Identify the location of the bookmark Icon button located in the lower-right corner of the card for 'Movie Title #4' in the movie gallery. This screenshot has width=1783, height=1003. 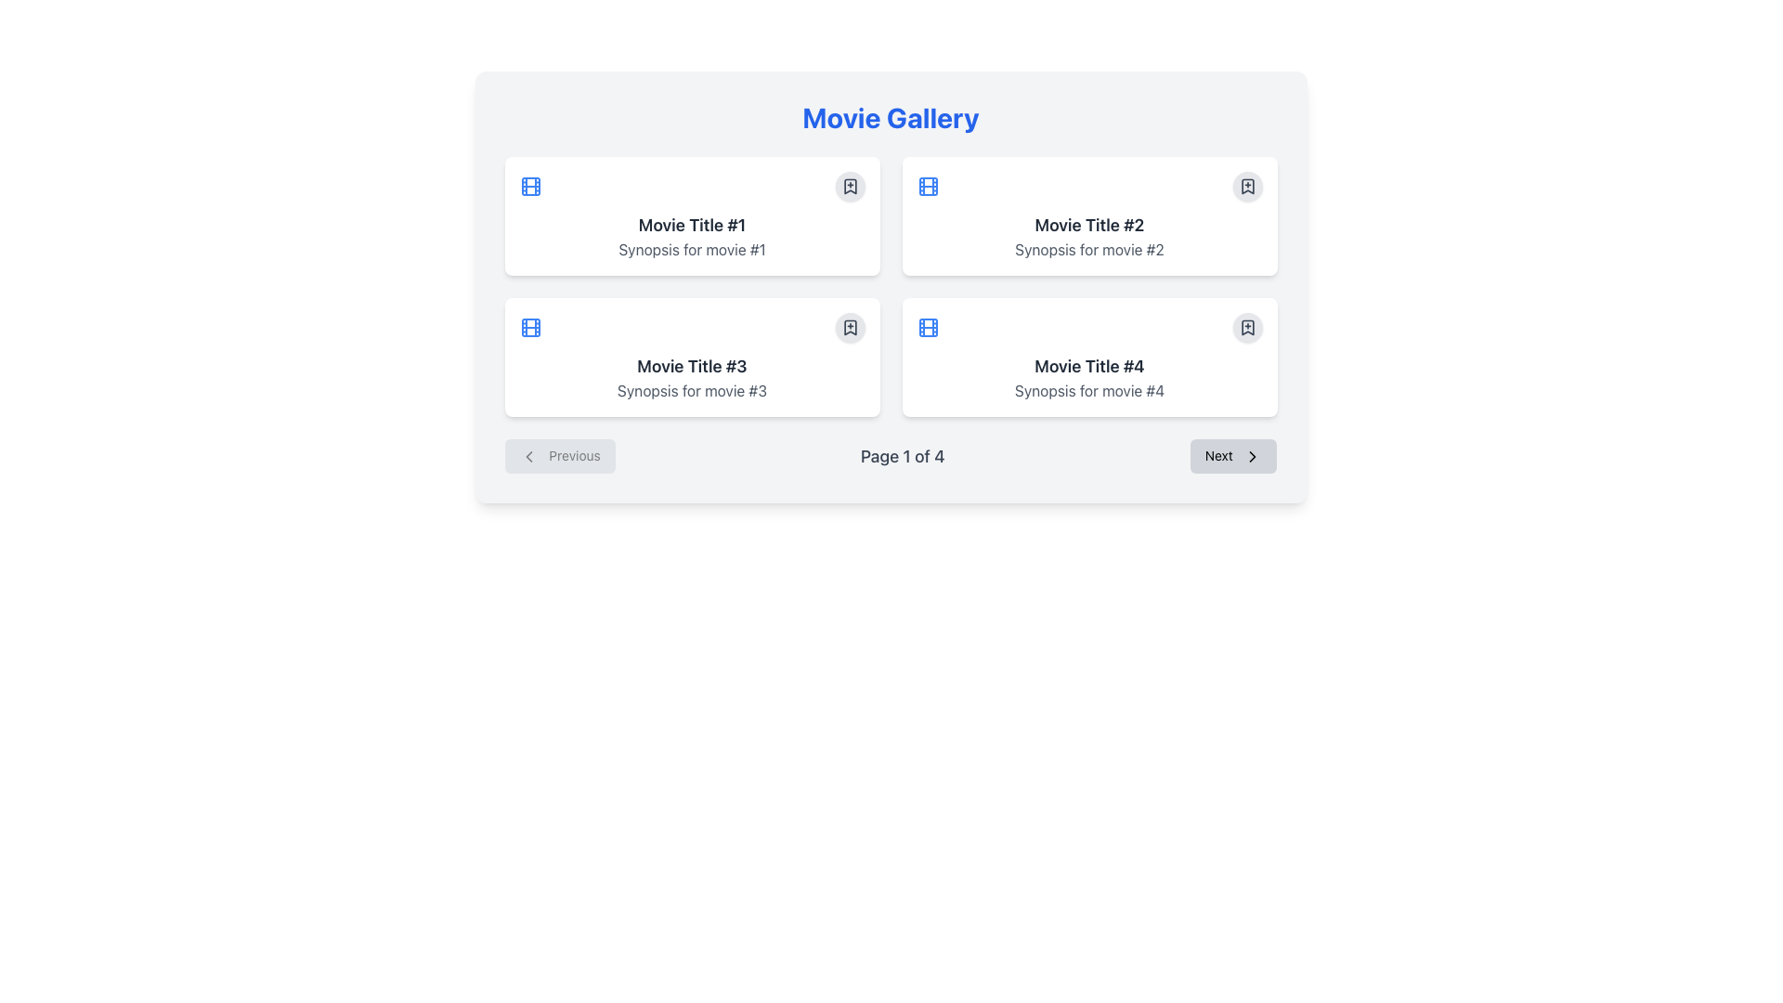
(1247, 327).